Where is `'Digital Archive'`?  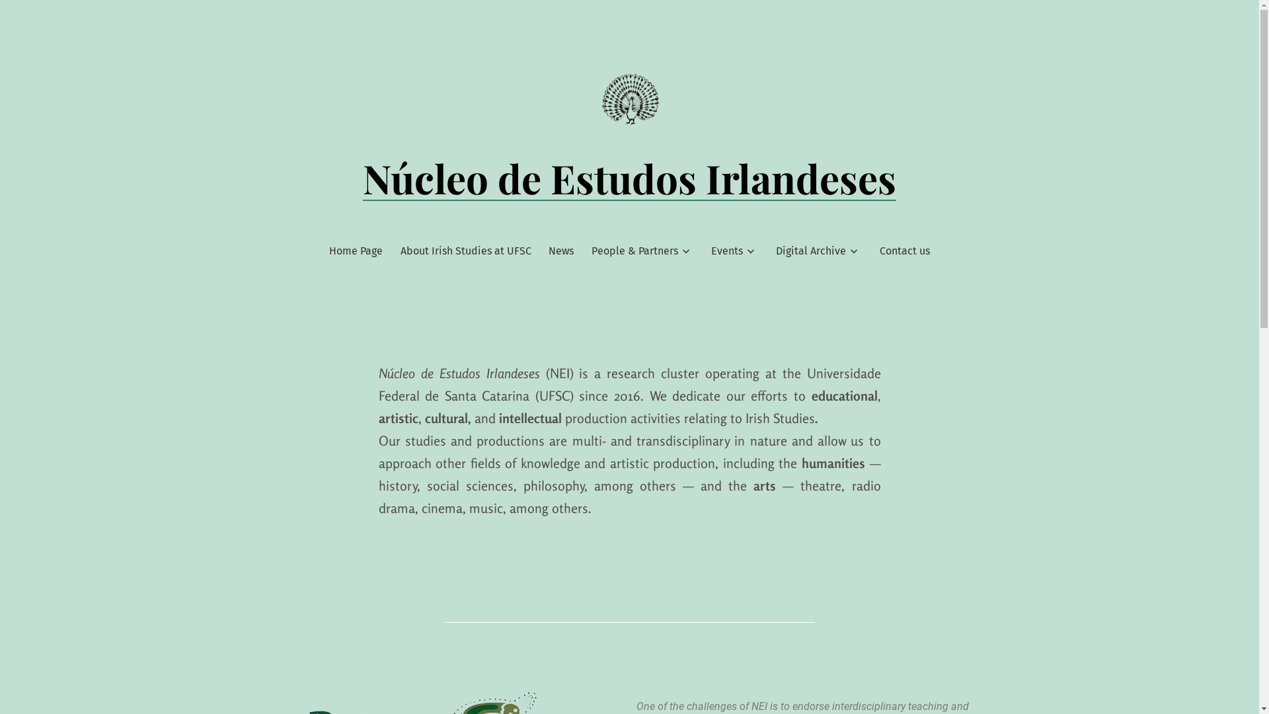
'Digital Archive' is located at coordinates (810, 251).